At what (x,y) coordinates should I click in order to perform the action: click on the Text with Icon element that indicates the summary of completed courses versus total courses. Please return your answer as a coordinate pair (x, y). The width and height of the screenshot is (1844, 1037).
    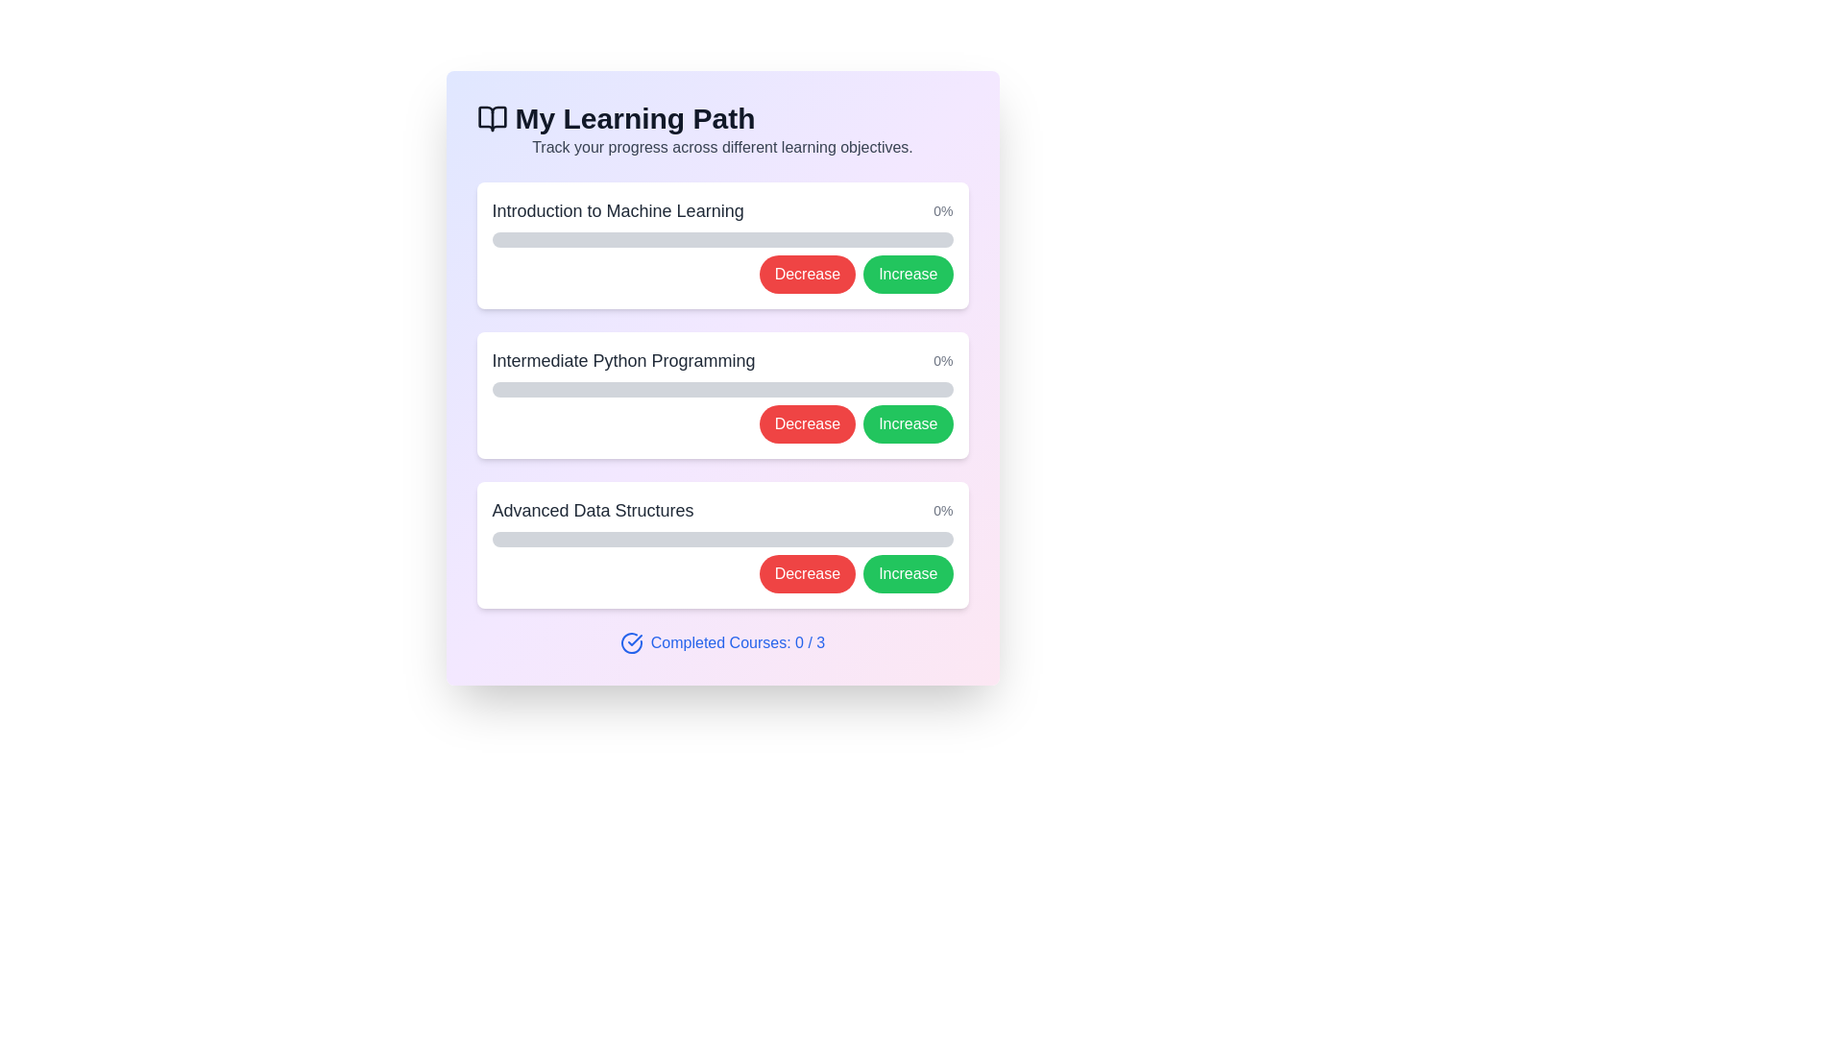
    Looking at the image, I should click on (721, 643).